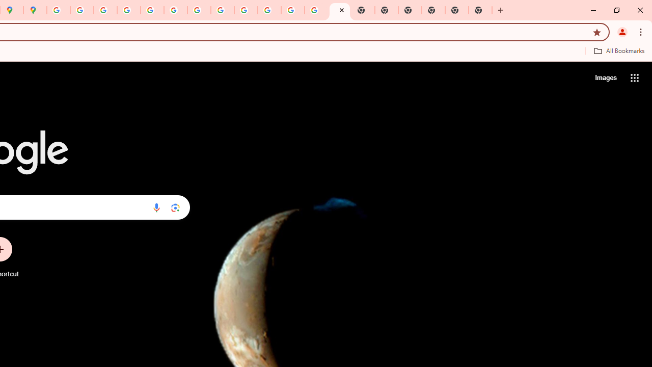 This screenshot has width=652, height=367. Describe the element at coordinates (480, 10) in the screenshot. I see `'New Tab'` at that location.